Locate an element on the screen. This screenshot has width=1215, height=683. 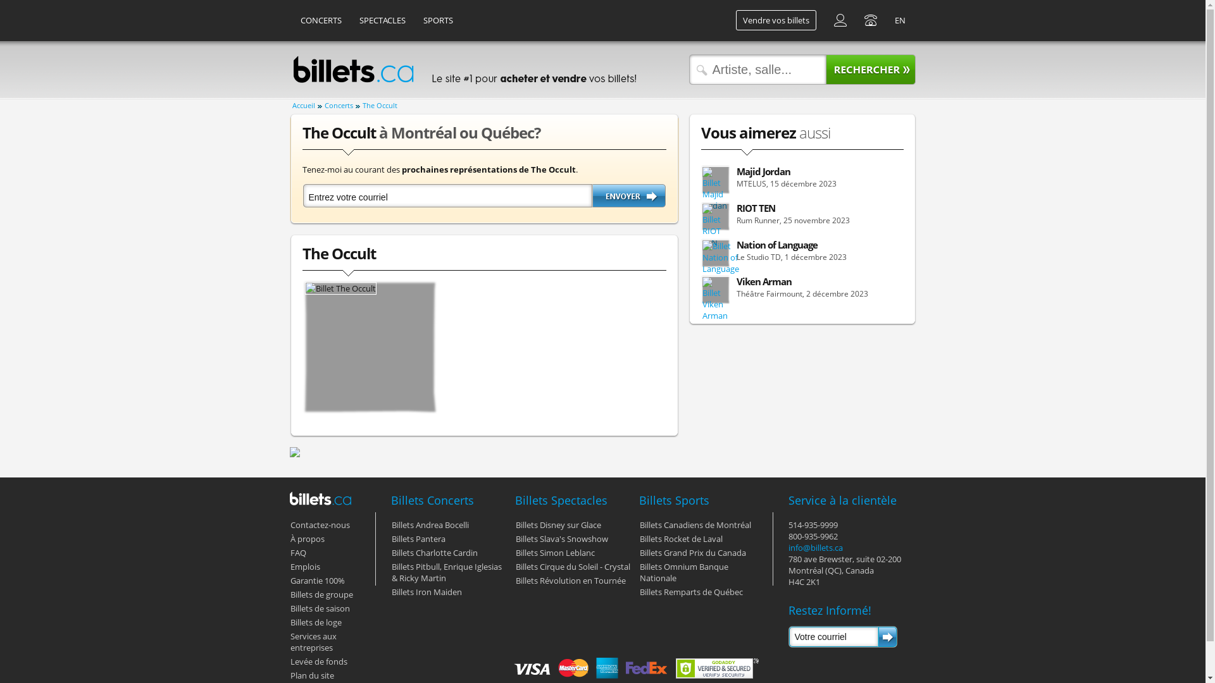
'Billets Andrea Bocelli' is located at coordinates (390, 524).